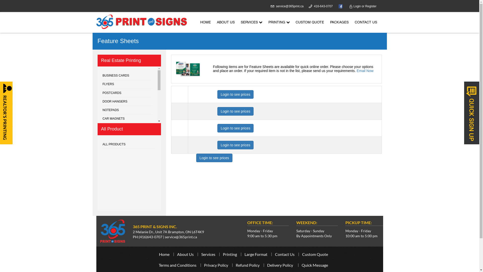  Describe the element at coordinates (128, 84) in the screenshot. I see `'FLYERS'` at that location.